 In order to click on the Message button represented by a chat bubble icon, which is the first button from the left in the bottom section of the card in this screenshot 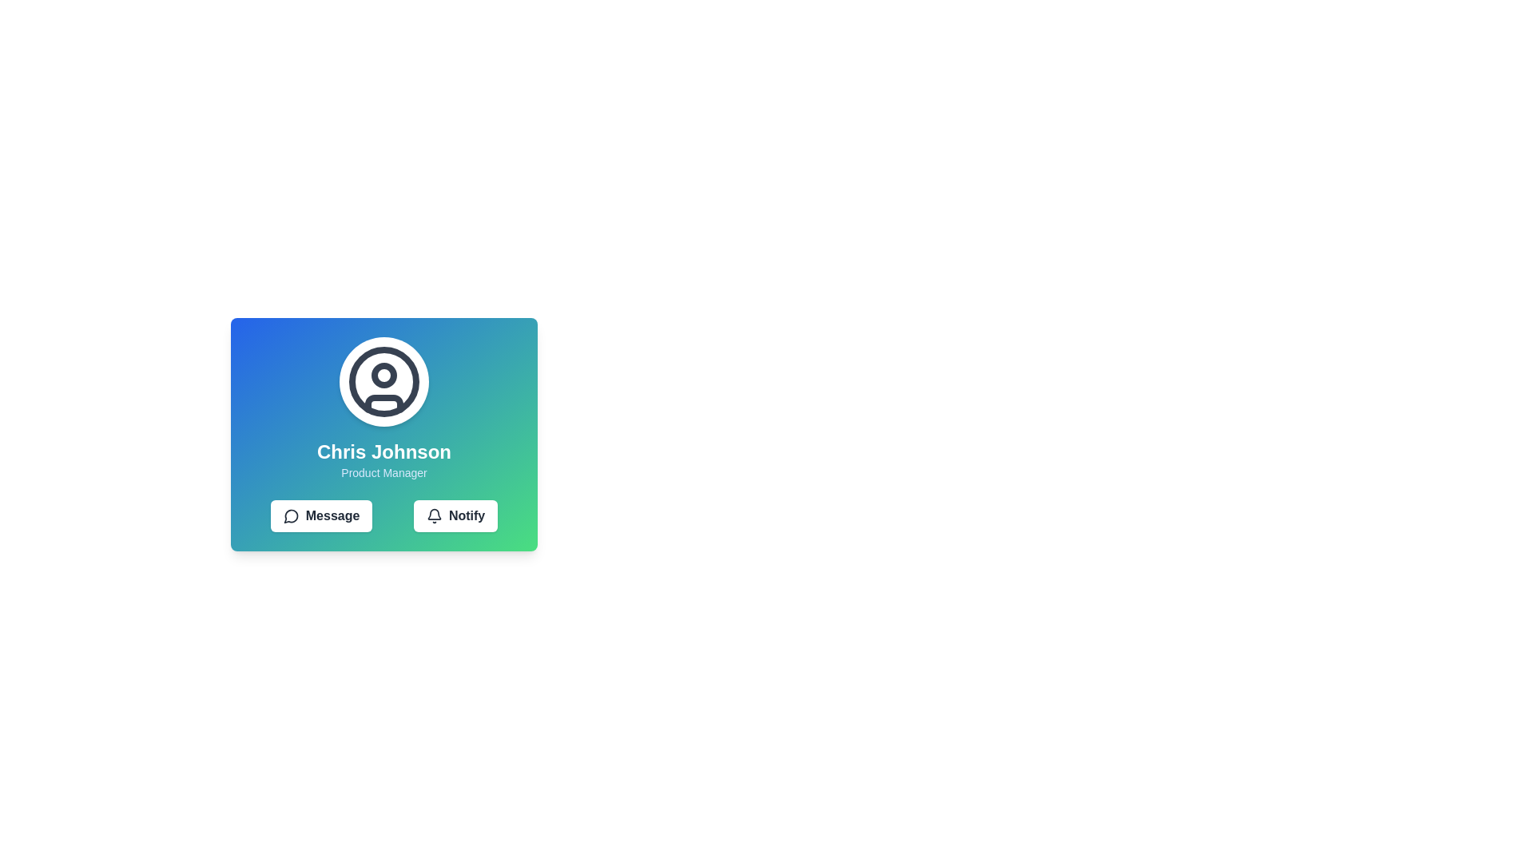, I will do `click(291, 516)`.